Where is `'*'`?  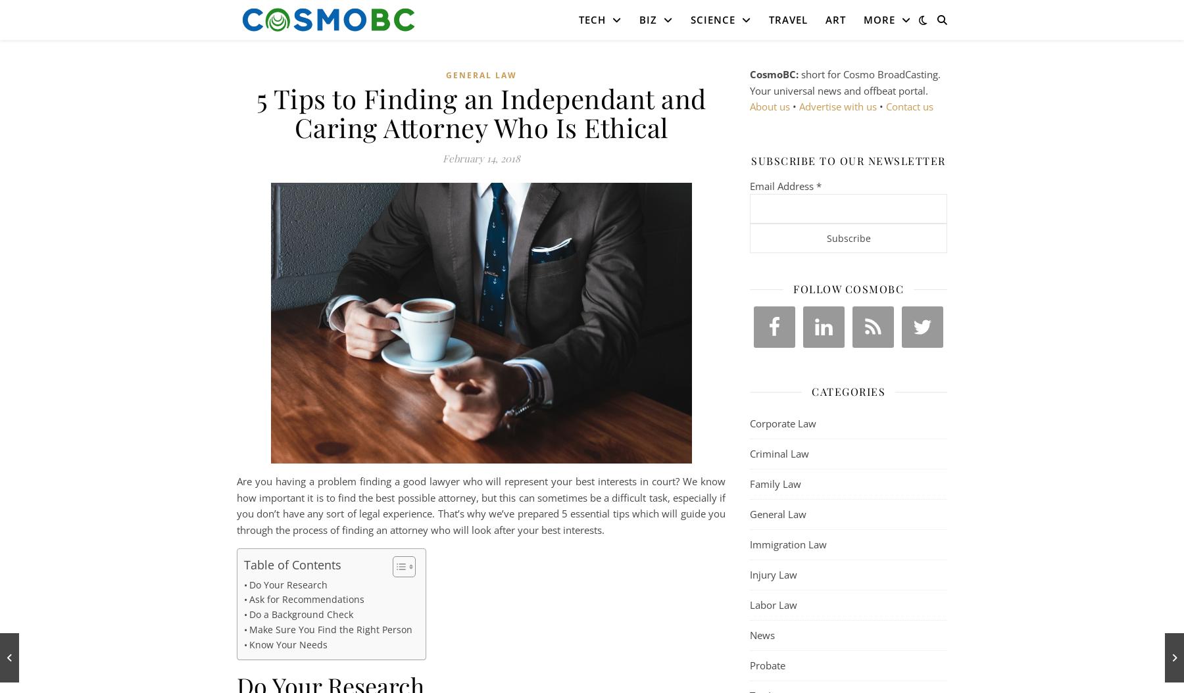 '*' is located at coordinates (816, 185).